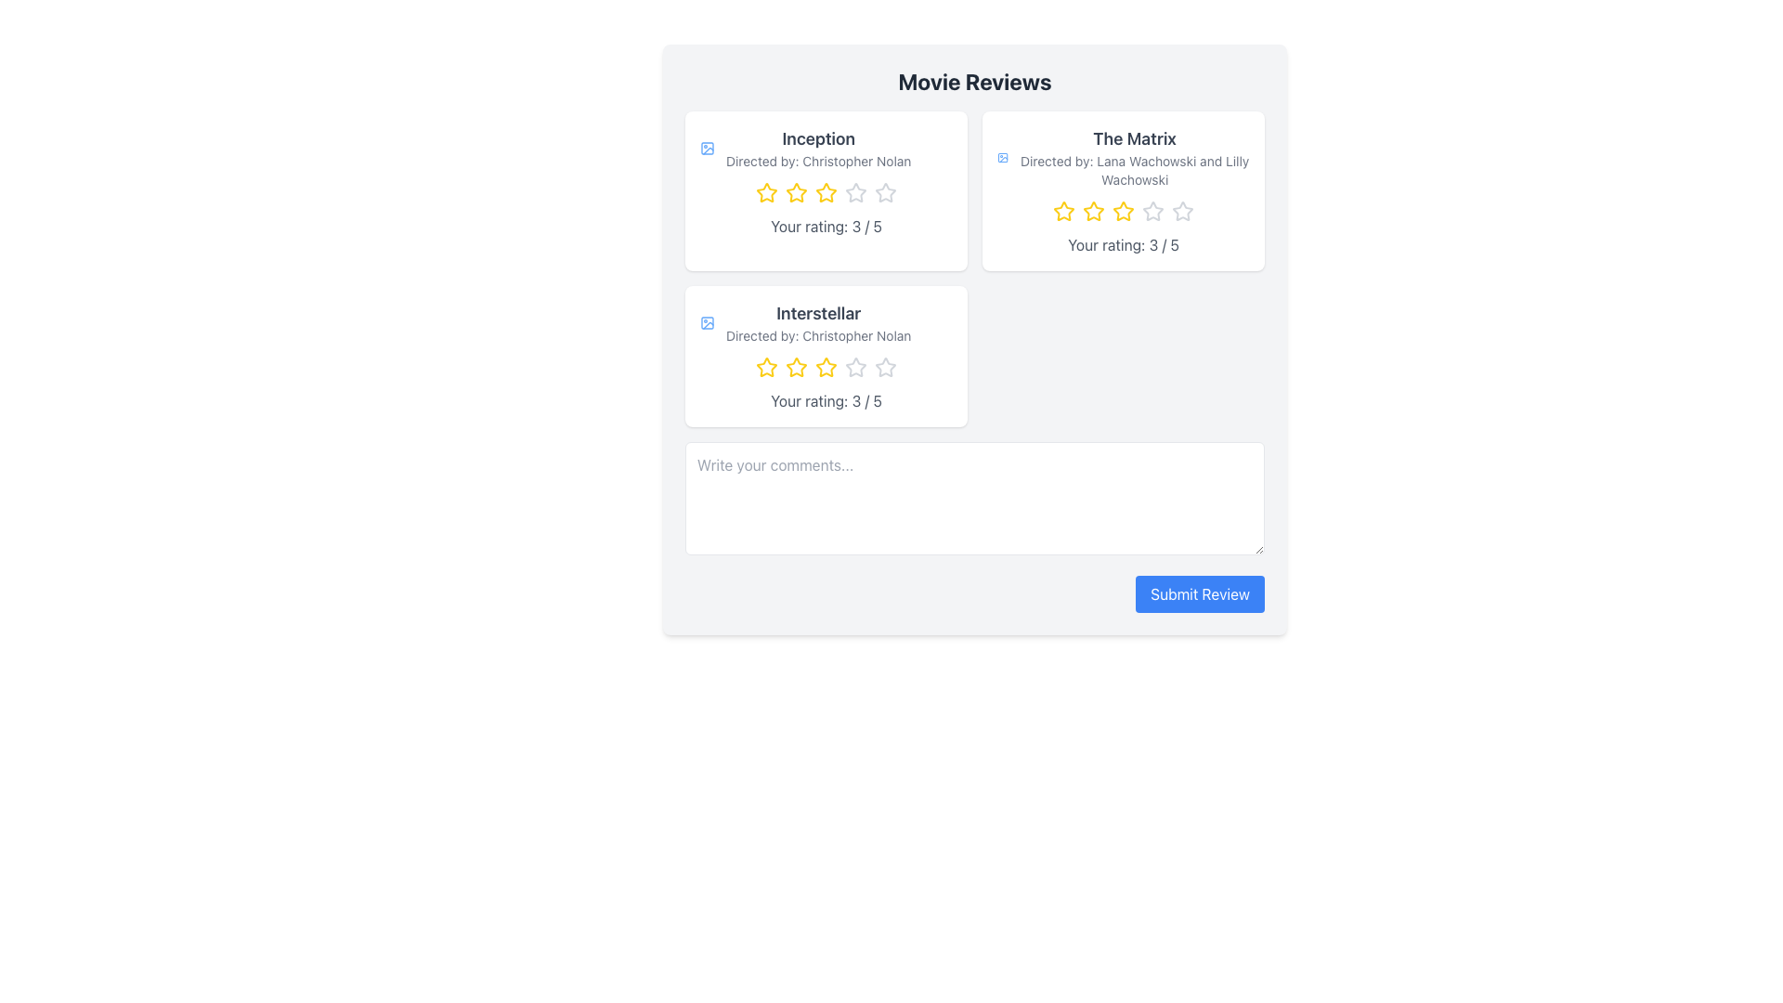 The width and height of the screenshot is (1783, 1003). Describe the element at coordinates (1134, 156) in the screenshot. I see `the text block displaying the title 'The Matrix' and subtitle 'Directed by: Lana Wachowski and Lilly Wachowski' in the second card of the 'Movie Reviews' section` at that location.